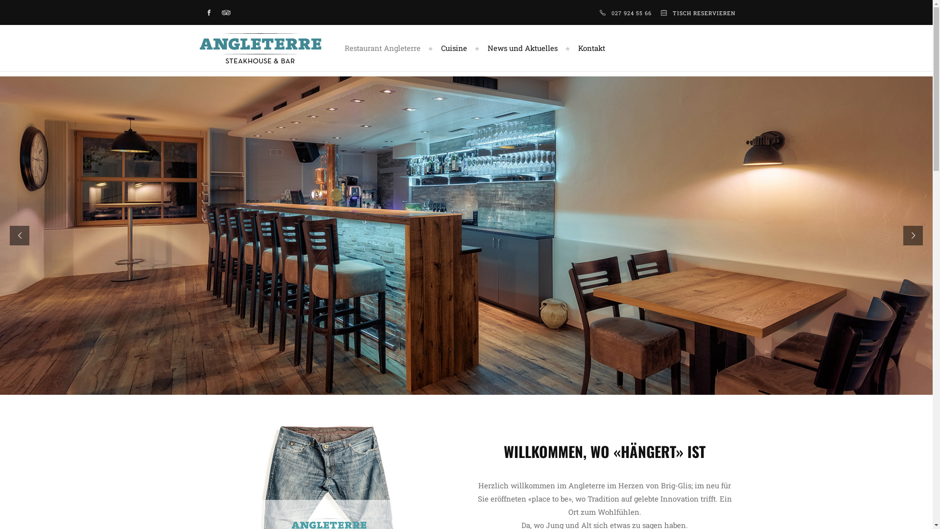  What do you see at coordinates (569, 48) in the screenshot?
I see `'Kontakt'` at bounding box center [569, 48].